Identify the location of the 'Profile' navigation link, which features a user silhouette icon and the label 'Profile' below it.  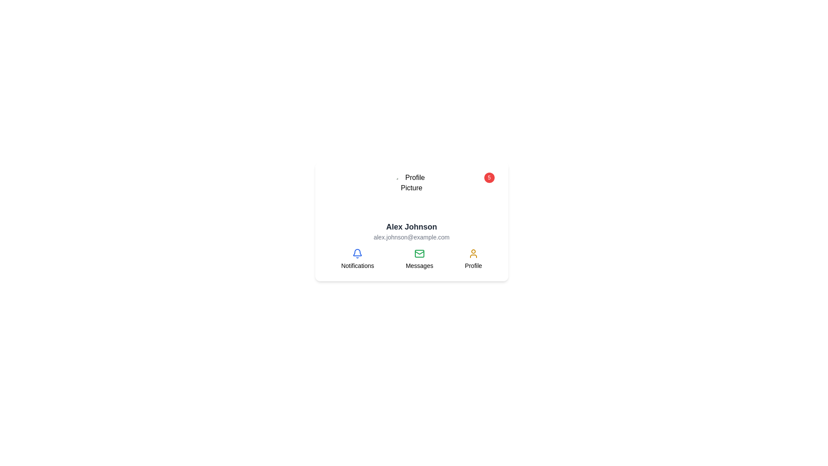
(473, 259).